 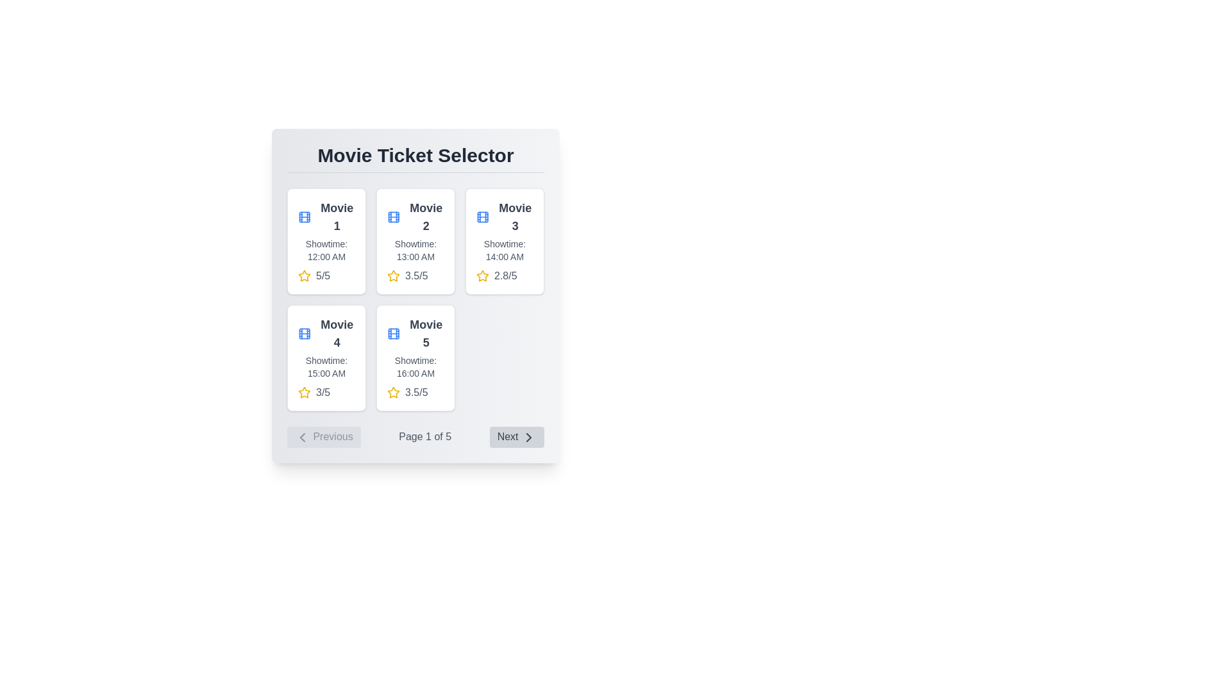 I want to click on the rating display for 'Movie 5', which includes a star icon and a numerical value, located at the bottom part of the card beneath the movie showtime information, so click(x=415, y=392).